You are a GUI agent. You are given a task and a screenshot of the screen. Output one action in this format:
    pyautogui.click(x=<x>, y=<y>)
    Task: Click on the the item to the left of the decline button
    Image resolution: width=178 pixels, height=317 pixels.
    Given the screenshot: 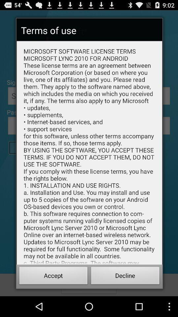 What is the action you would take?
    pyautogui.click(x=53, y=276)
    